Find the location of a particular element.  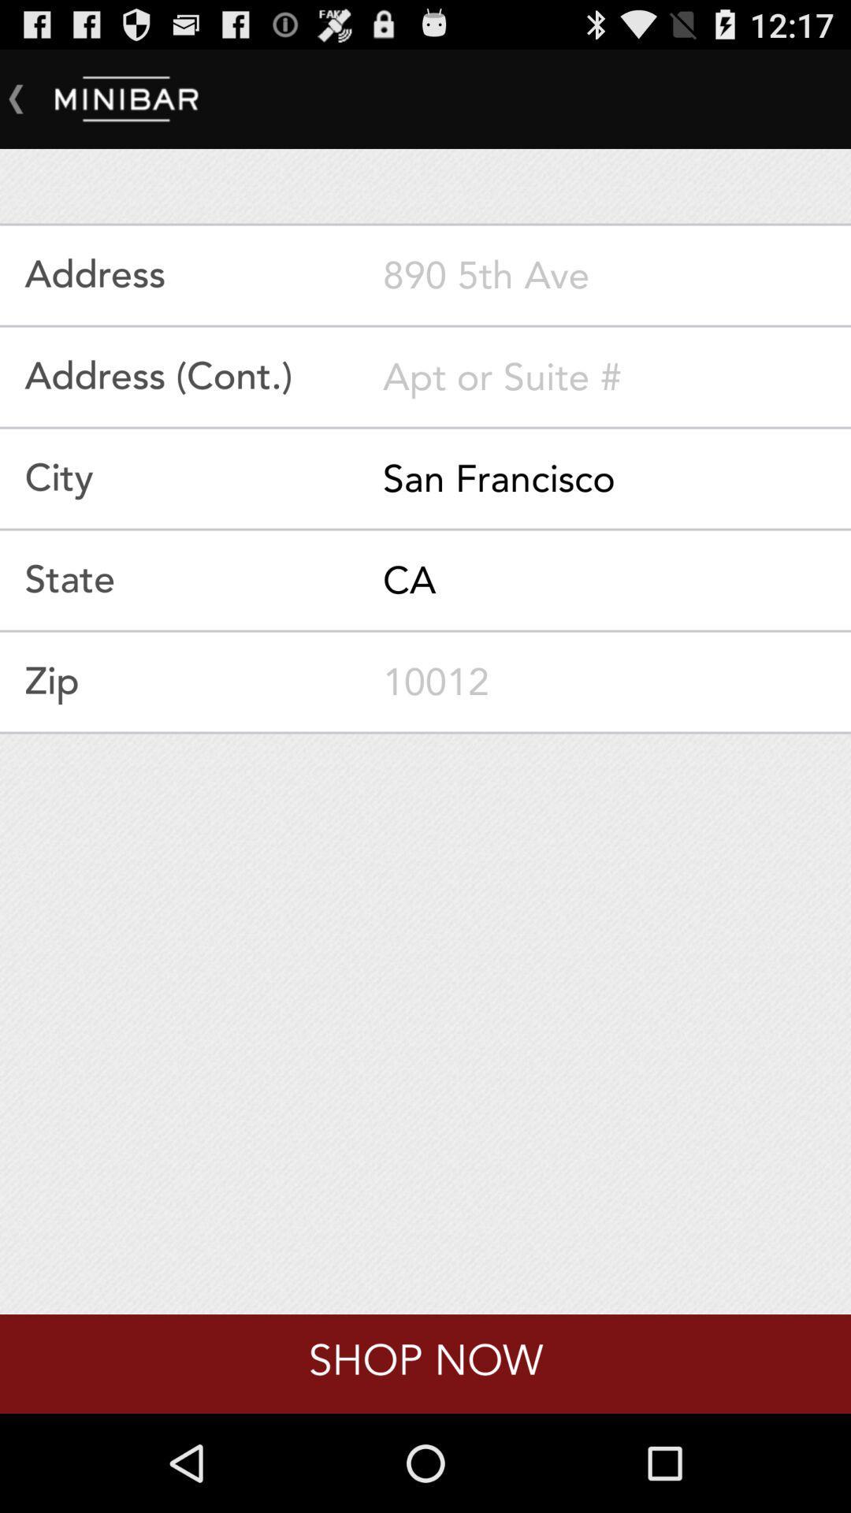

apartment number or suite number to the address is located at coordinates (616, 376).